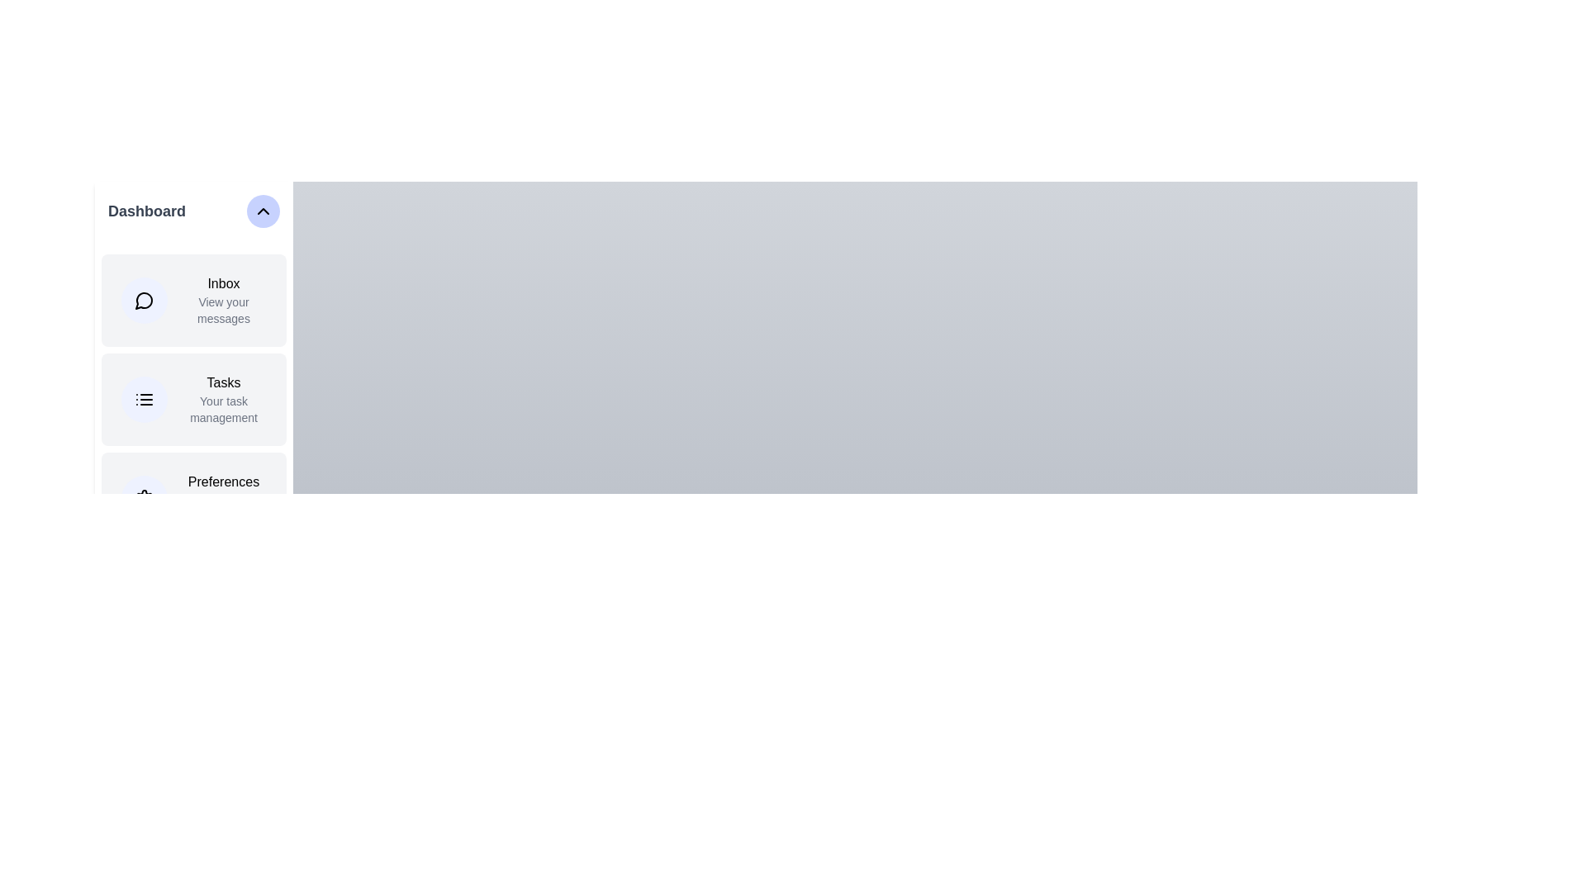  Describe the element at coordinates (194, 300) in the screenshot. I see `the menu item Inbox from the sidebar` at that location.